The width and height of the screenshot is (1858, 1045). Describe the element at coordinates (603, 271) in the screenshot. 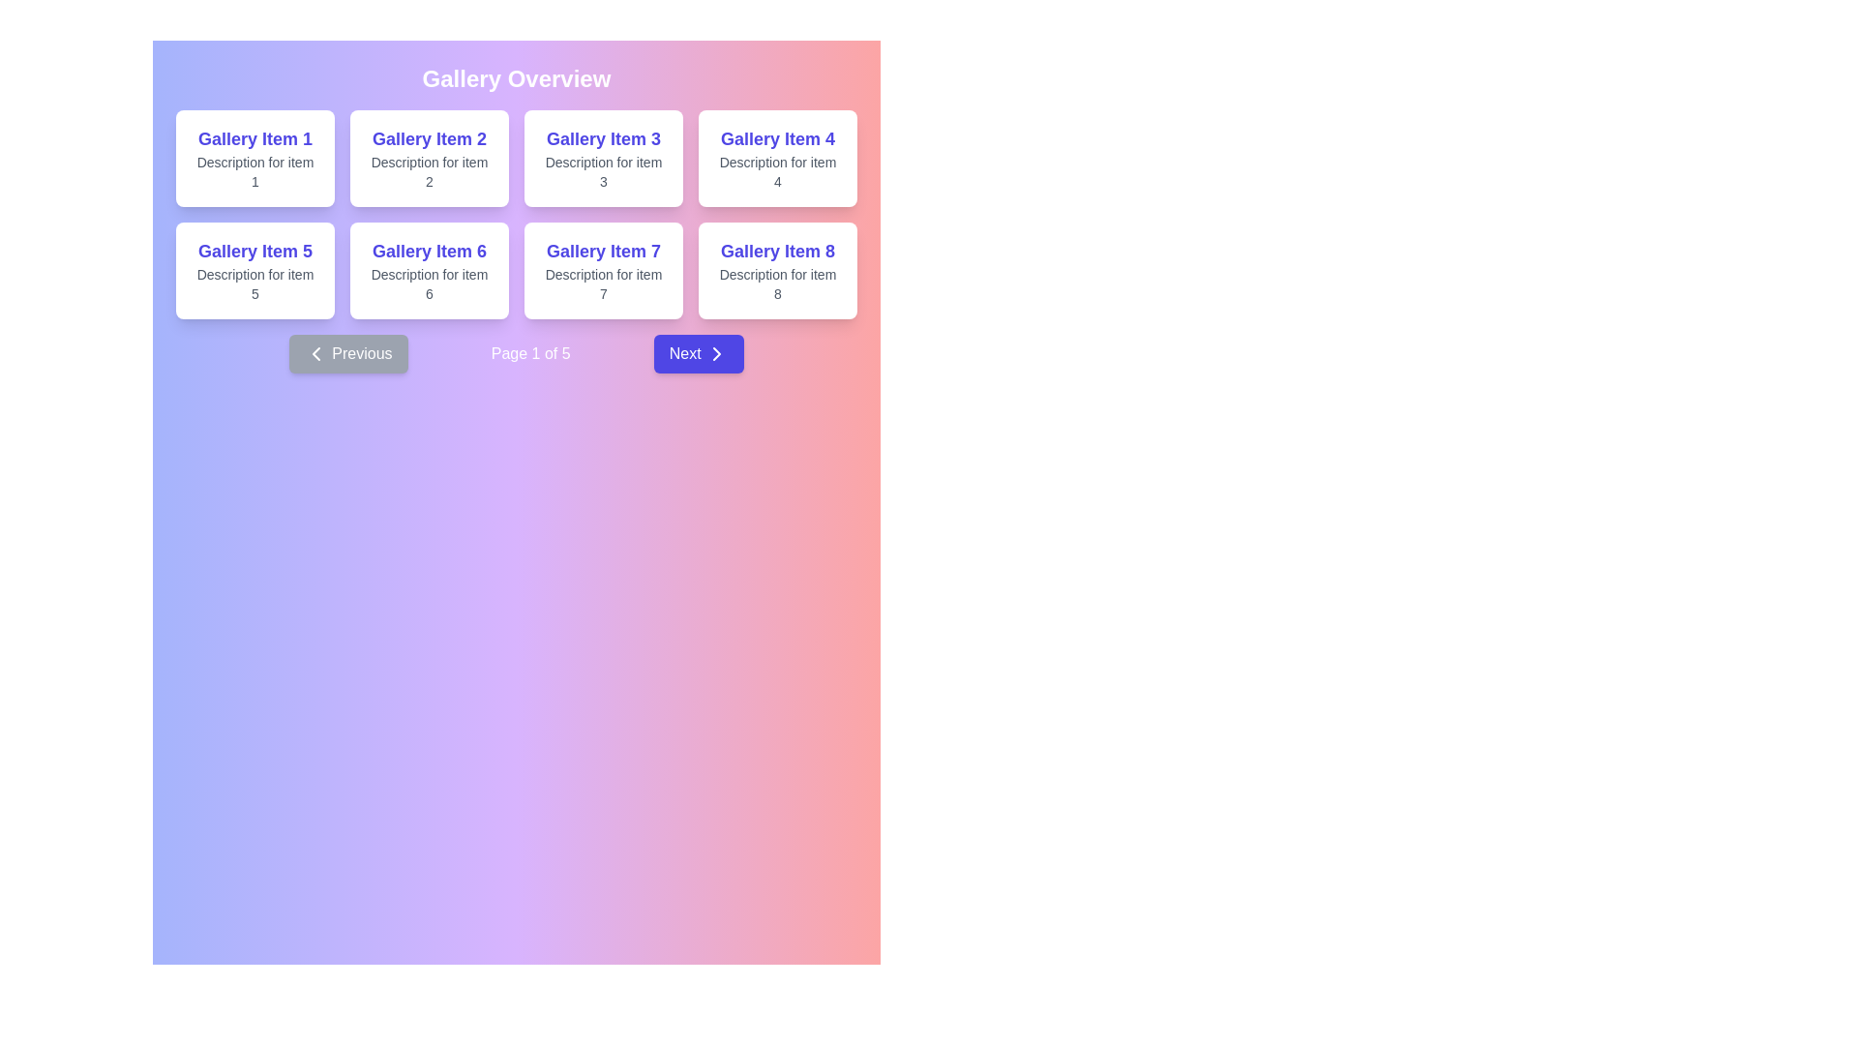

I see `the card displaying 'Gallery Item 7' with a white background and rounded corners, located in the second row, third column of the grid layout` at that location.